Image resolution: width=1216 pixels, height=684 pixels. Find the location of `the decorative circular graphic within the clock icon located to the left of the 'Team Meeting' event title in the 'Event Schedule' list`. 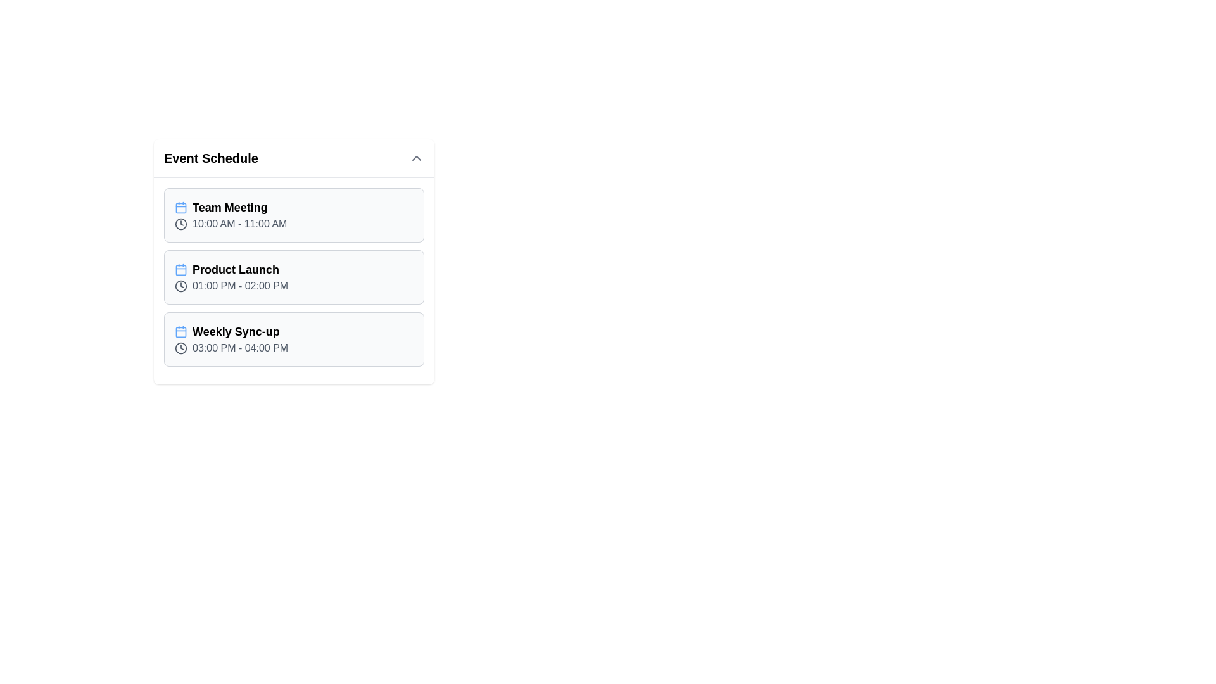

the decorative circular graphic within the clock icon located to the left of the 'Team Meeting' event title in the 'Event Schedule' list is located at coordinates (180, 224).